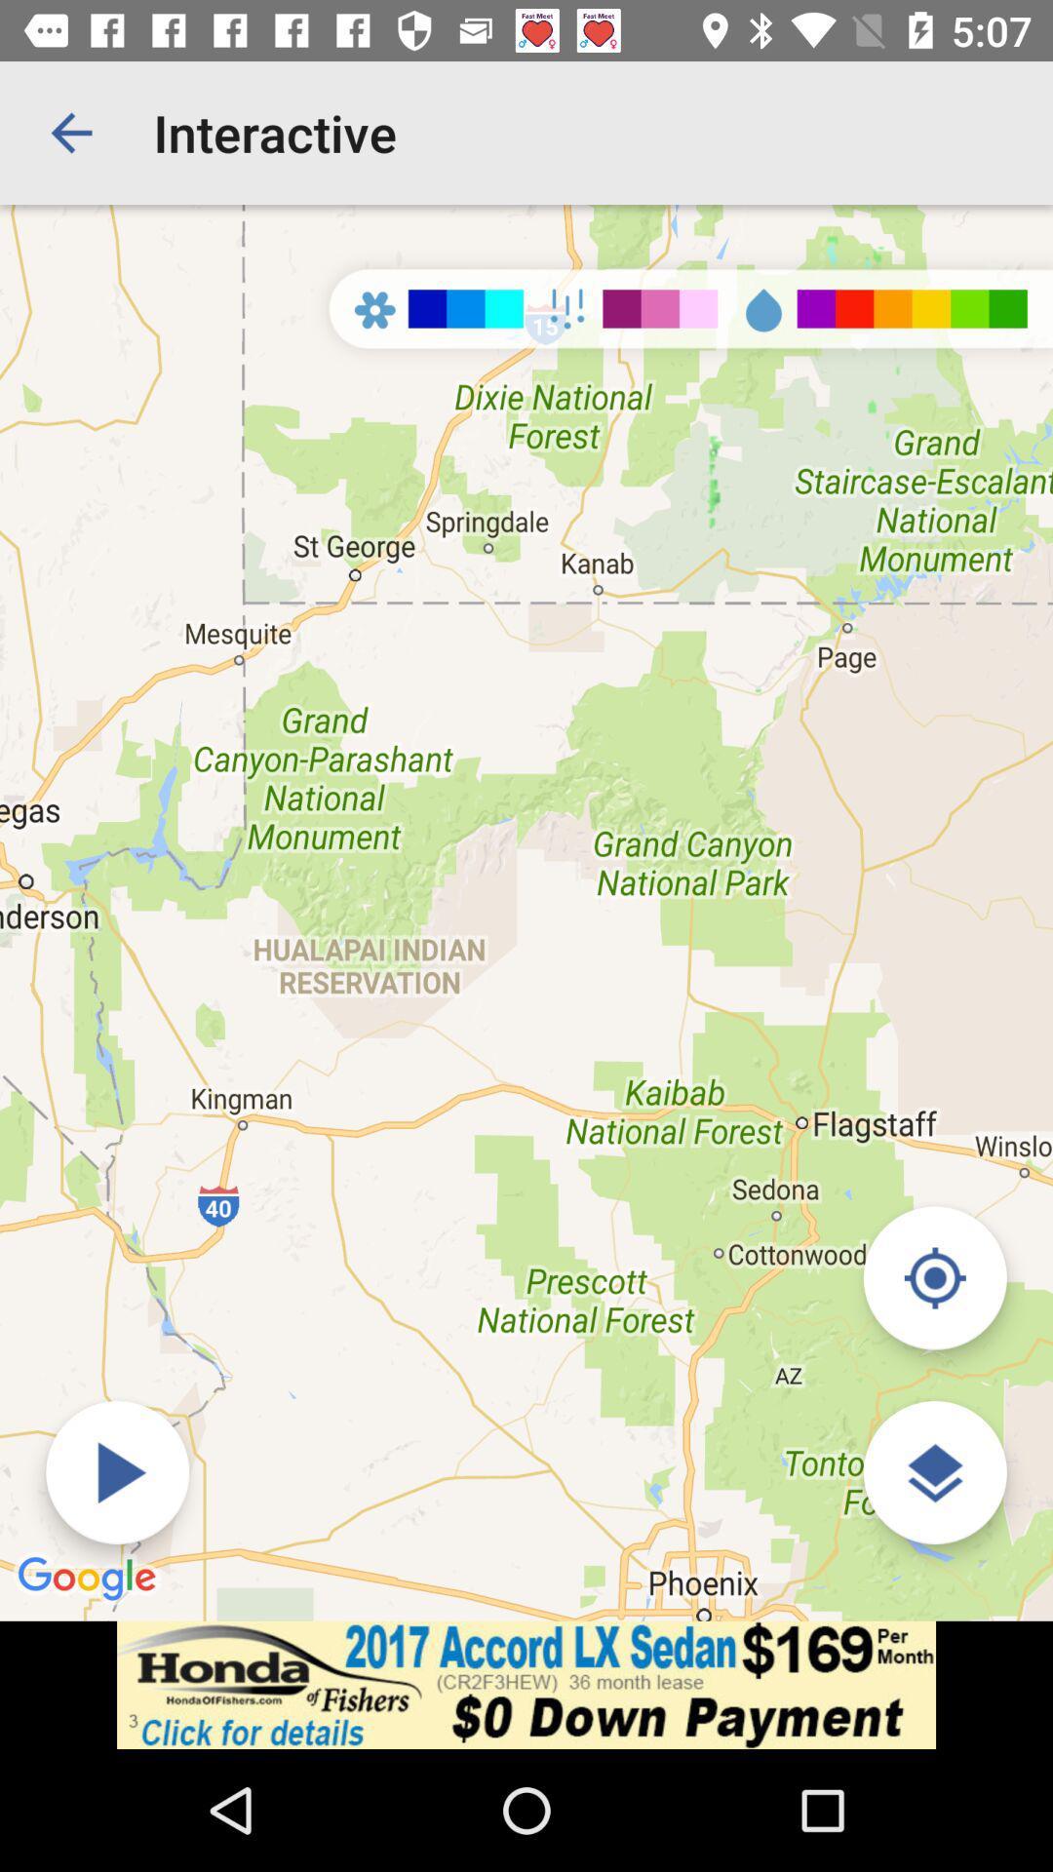 The image size is (1053, 1872). I want to click on different filter for map, so click(934, 1472).